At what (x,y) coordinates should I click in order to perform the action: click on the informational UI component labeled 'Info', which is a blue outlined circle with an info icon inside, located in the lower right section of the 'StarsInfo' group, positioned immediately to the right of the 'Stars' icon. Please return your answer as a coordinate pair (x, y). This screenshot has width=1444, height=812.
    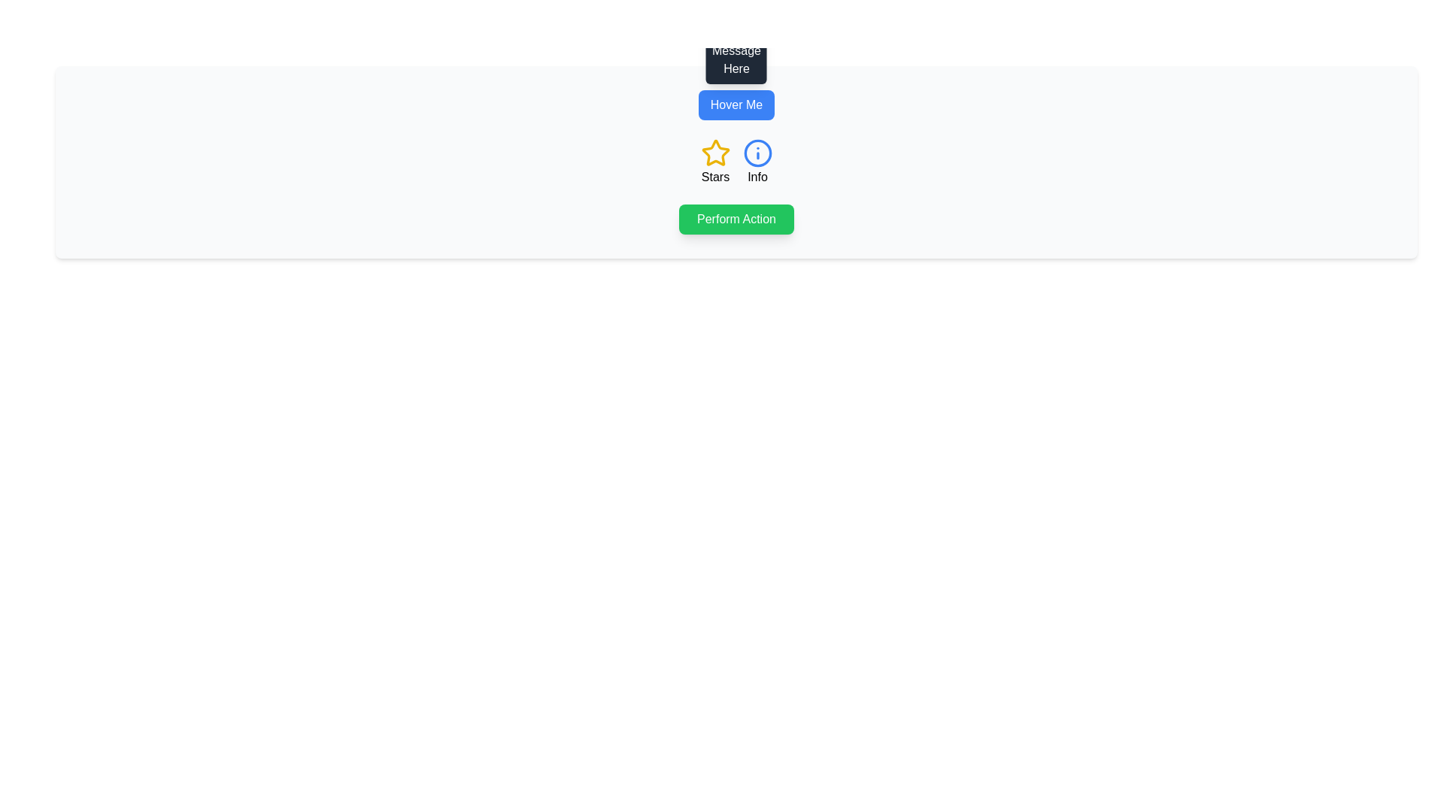
    Looking at the image, I should click on (757, 162).